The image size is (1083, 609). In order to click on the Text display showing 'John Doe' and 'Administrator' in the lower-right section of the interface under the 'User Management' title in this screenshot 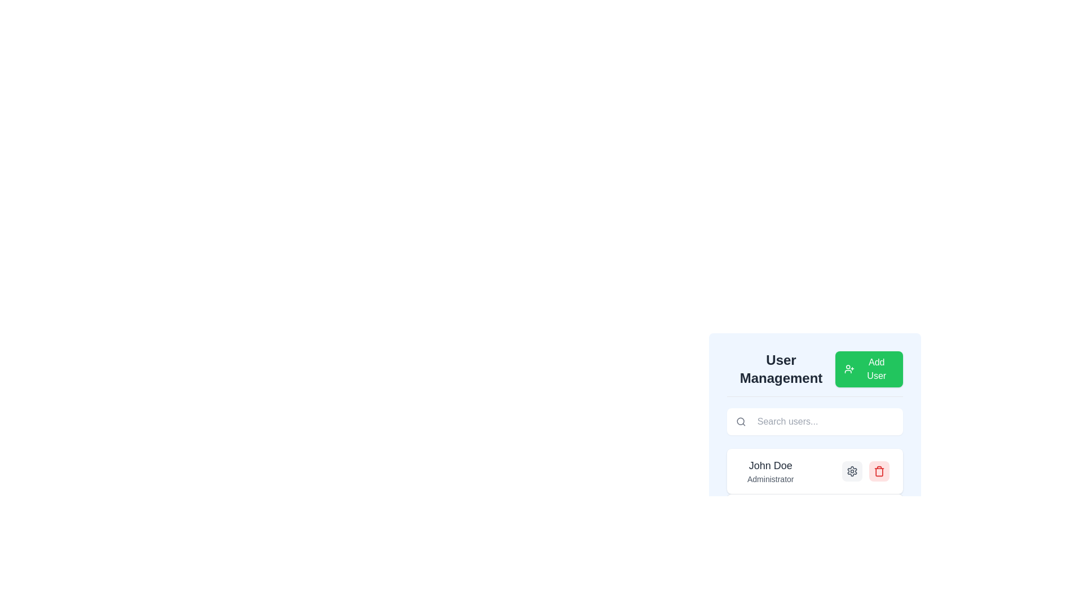, I will do `click(767, 471)`.